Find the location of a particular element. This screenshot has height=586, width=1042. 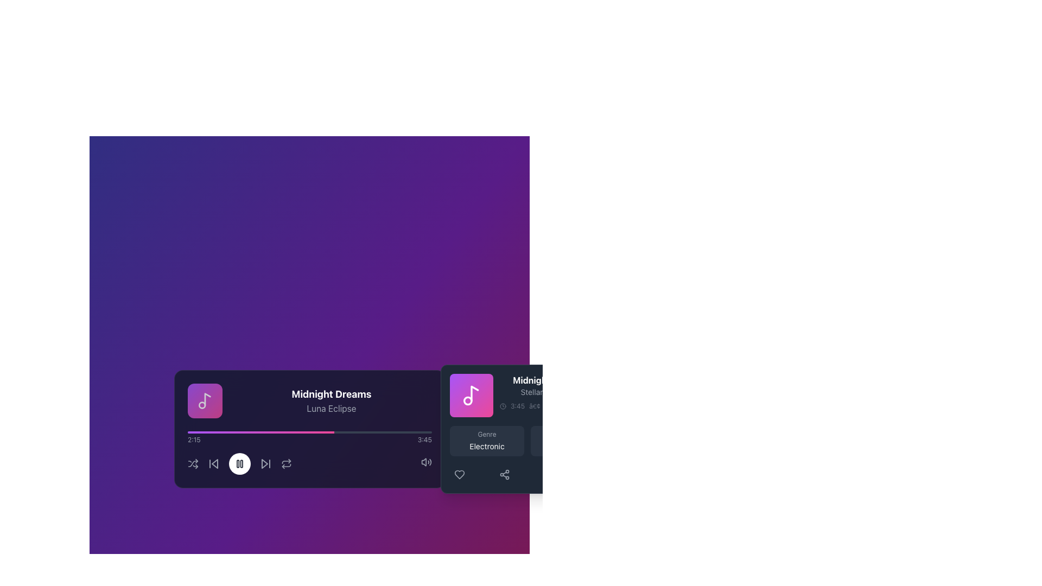

the leftward-pointing chevron arrow icon located at the bottom left of the interface is located at coordinates (214, 464).